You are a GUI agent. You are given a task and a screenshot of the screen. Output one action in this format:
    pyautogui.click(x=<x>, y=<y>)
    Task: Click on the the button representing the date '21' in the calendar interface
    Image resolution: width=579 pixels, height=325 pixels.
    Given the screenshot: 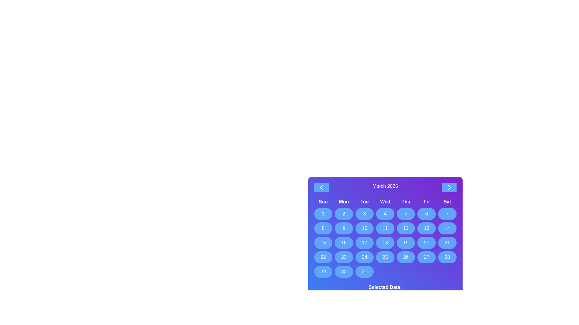 What is the action you would take?
    pyautogui.click(x=447, y=242)
    